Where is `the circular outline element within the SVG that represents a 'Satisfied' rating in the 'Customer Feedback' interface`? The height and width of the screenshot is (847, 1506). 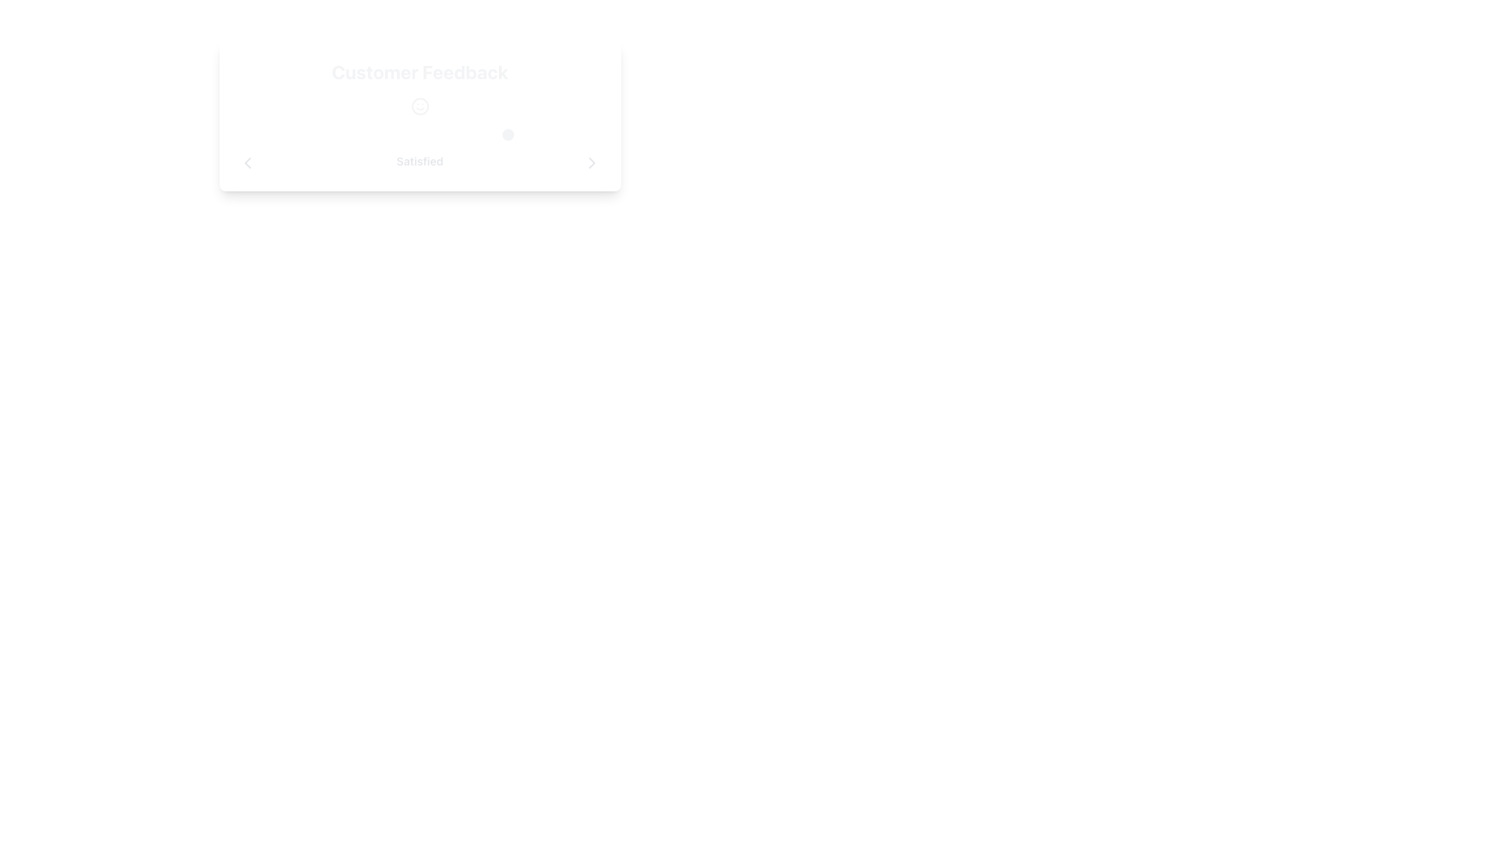
the circular outline element within the SVG that represents a 'Satisfied' rating in the 'Customer Feedback' interface is located at coordinates (420, 106).